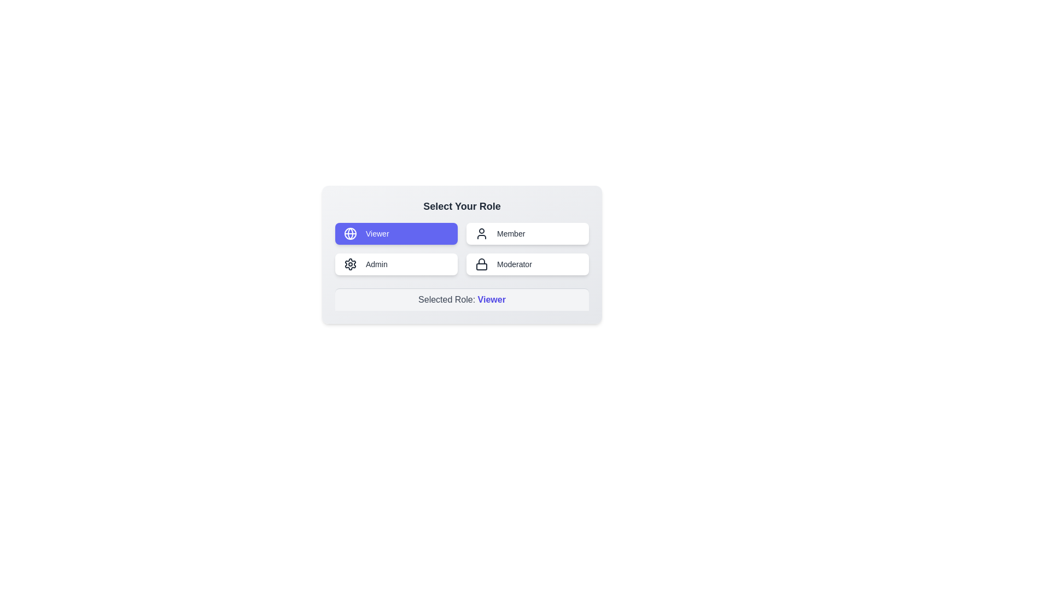 Image resolution: width=1050 pixels, height=590 pixels. Describe the element at coordinates (395, 233) in the screenshot. I see `the role button labeled Viewer` at that location.